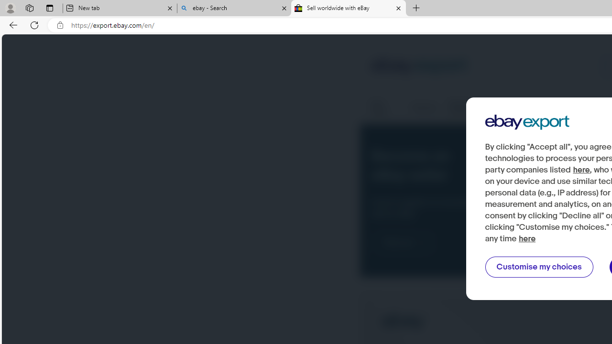 This screenshot has width=612, height=344. Describe the element at coordinates (348, 8) in the screenshot. I see `'Sell worldwide with eBay'` at that location.